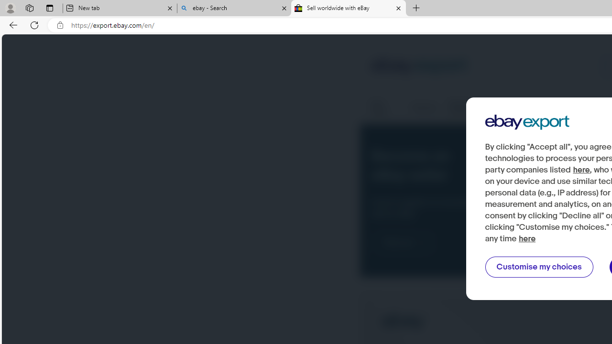 This screenshot has width=612, height=344. Describe the element at coordinates (348, 8) in the screenshot. I see `'Sell worldwide with eBay'` at that location.